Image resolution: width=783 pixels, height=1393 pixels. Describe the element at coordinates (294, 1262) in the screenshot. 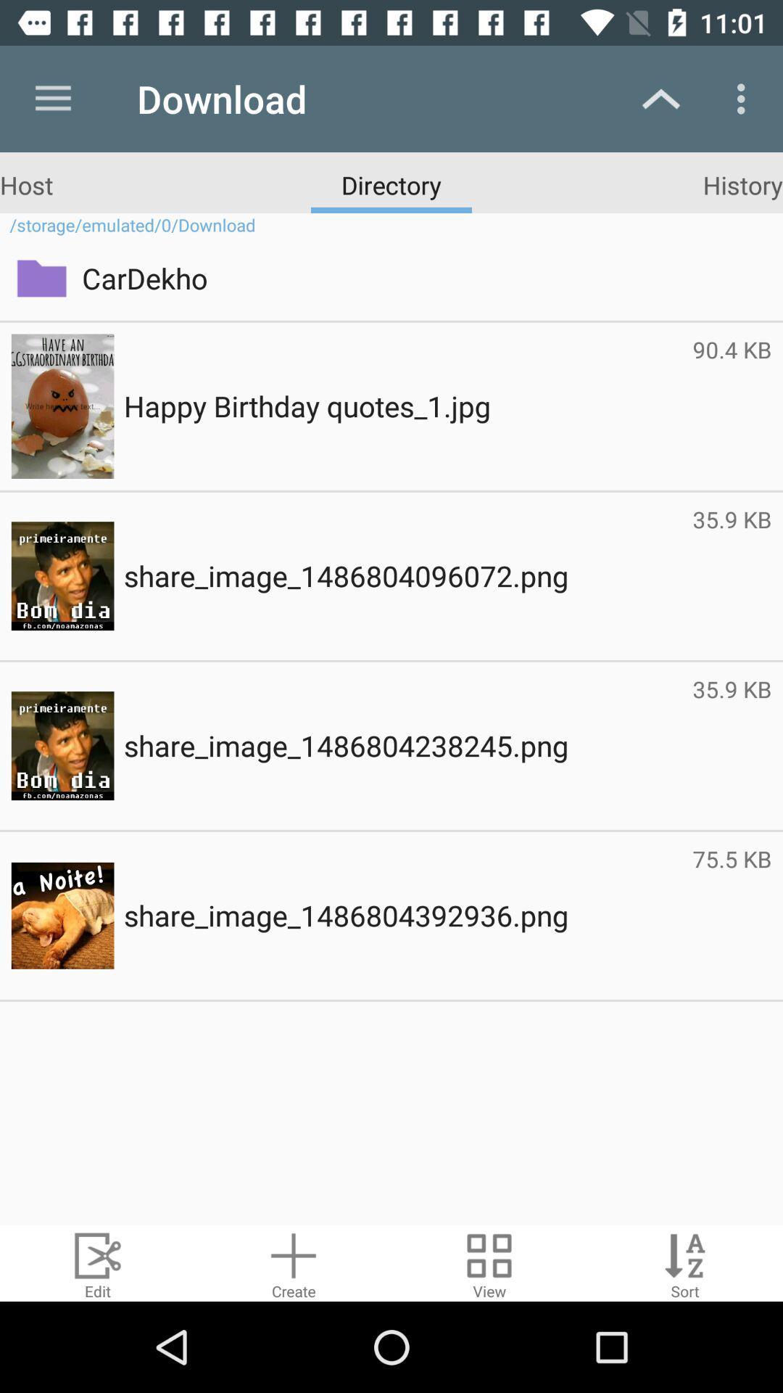

I see `file` at that location.